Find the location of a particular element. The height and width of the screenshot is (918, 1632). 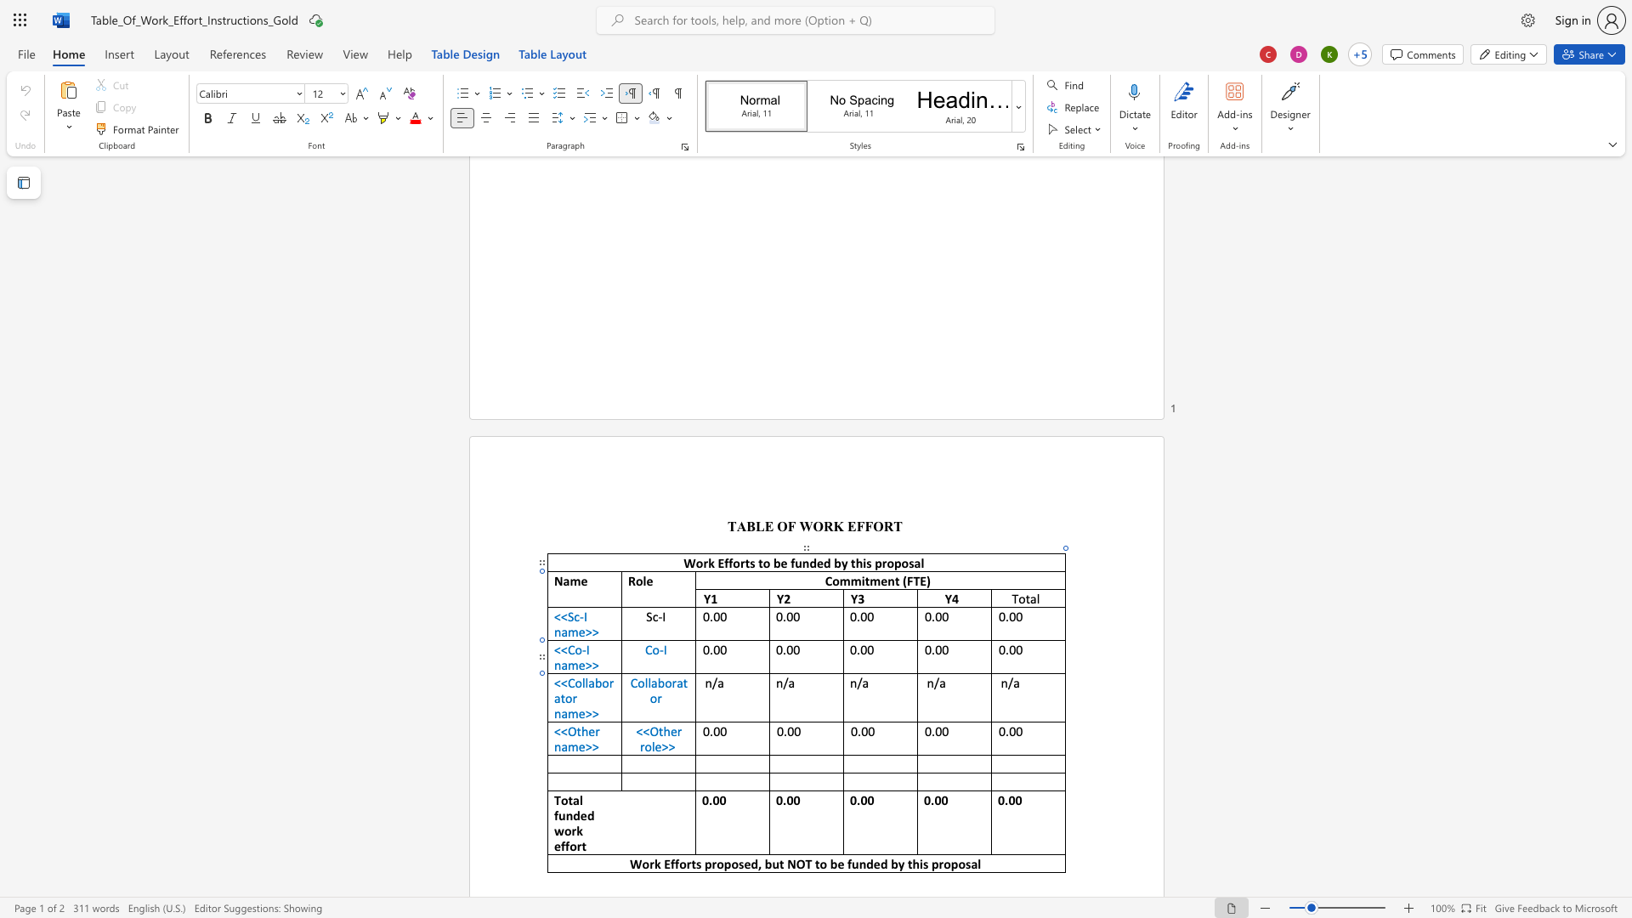

the space between the continuous character "h" and "e" in the text is located at coordinates (669, 730).